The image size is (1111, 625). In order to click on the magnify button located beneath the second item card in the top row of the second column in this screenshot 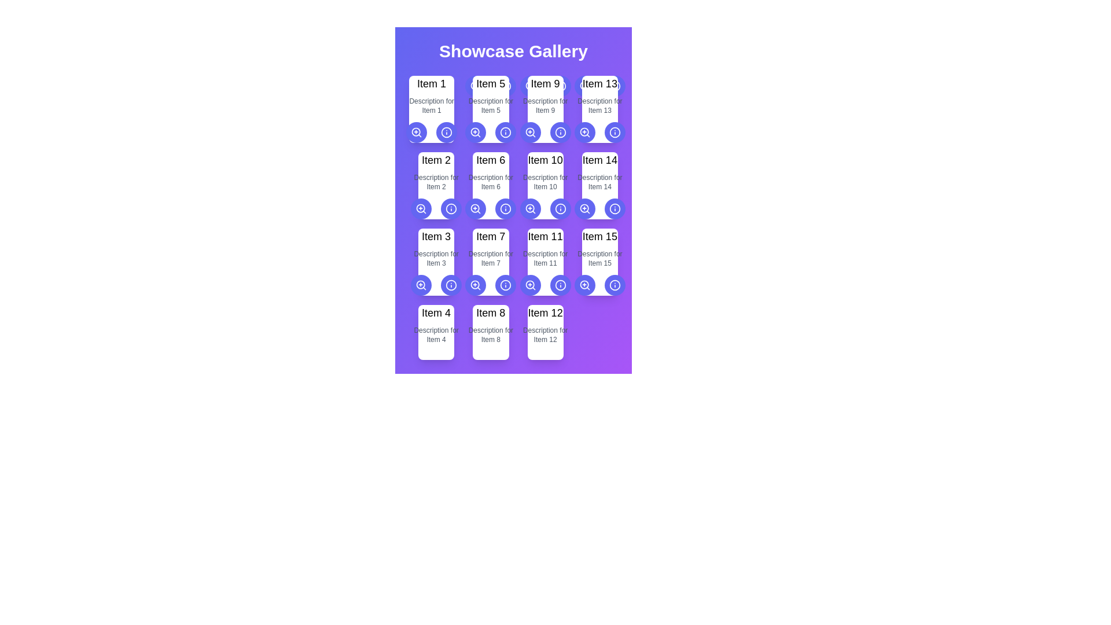, I will do `click(421, 209)`.